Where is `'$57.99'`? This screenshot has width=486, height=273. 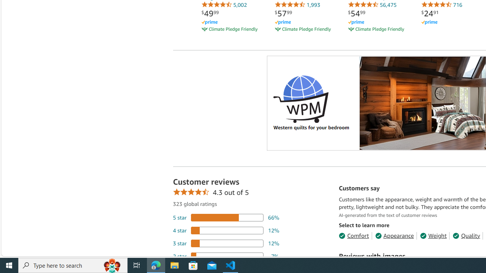 '$57.99' is located at coordinates (283, 13).